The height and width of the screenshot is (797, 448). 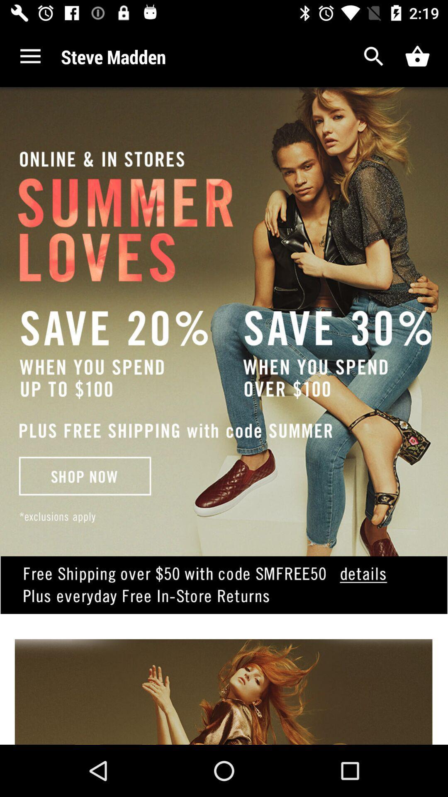 I want to click on search, so click(x=374, y=56).